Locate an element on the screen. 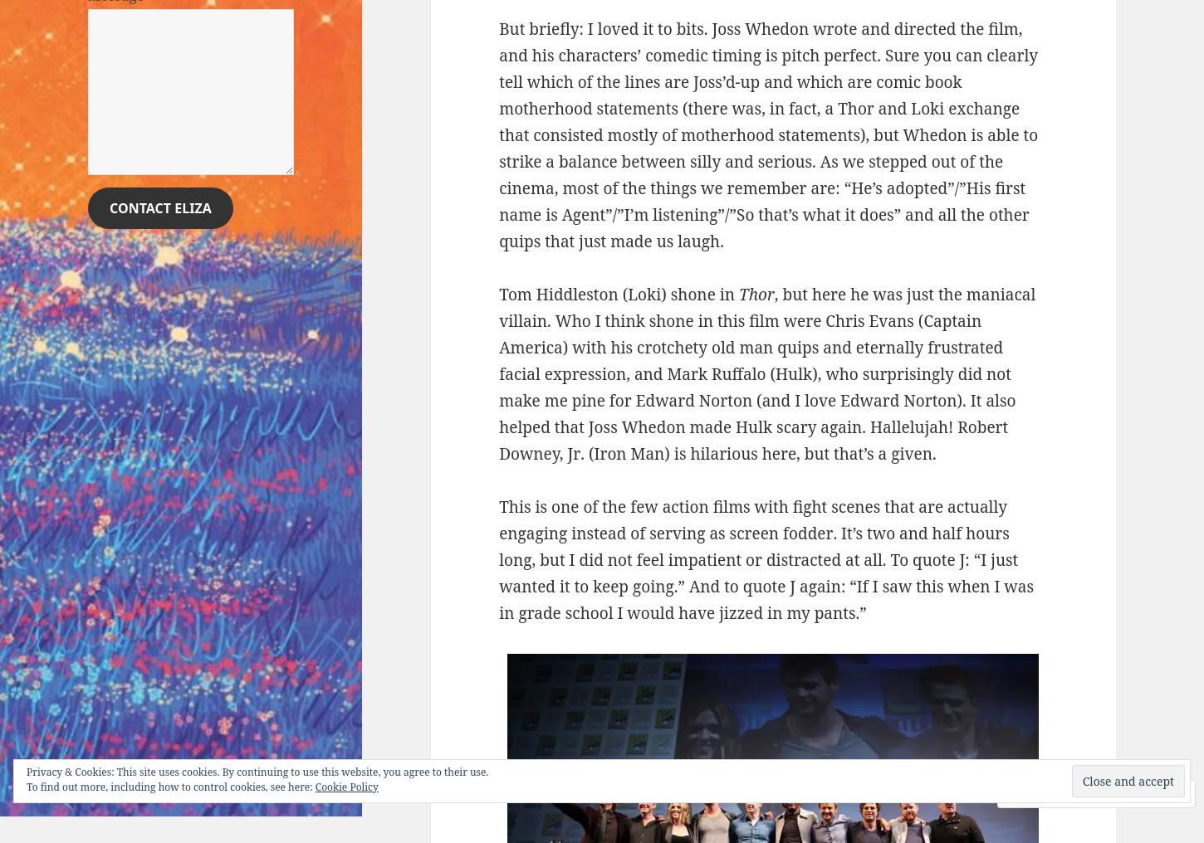 This screenshot has width=1204, height=843. 'Cookie Policy' is located at coordinates (345, 786).